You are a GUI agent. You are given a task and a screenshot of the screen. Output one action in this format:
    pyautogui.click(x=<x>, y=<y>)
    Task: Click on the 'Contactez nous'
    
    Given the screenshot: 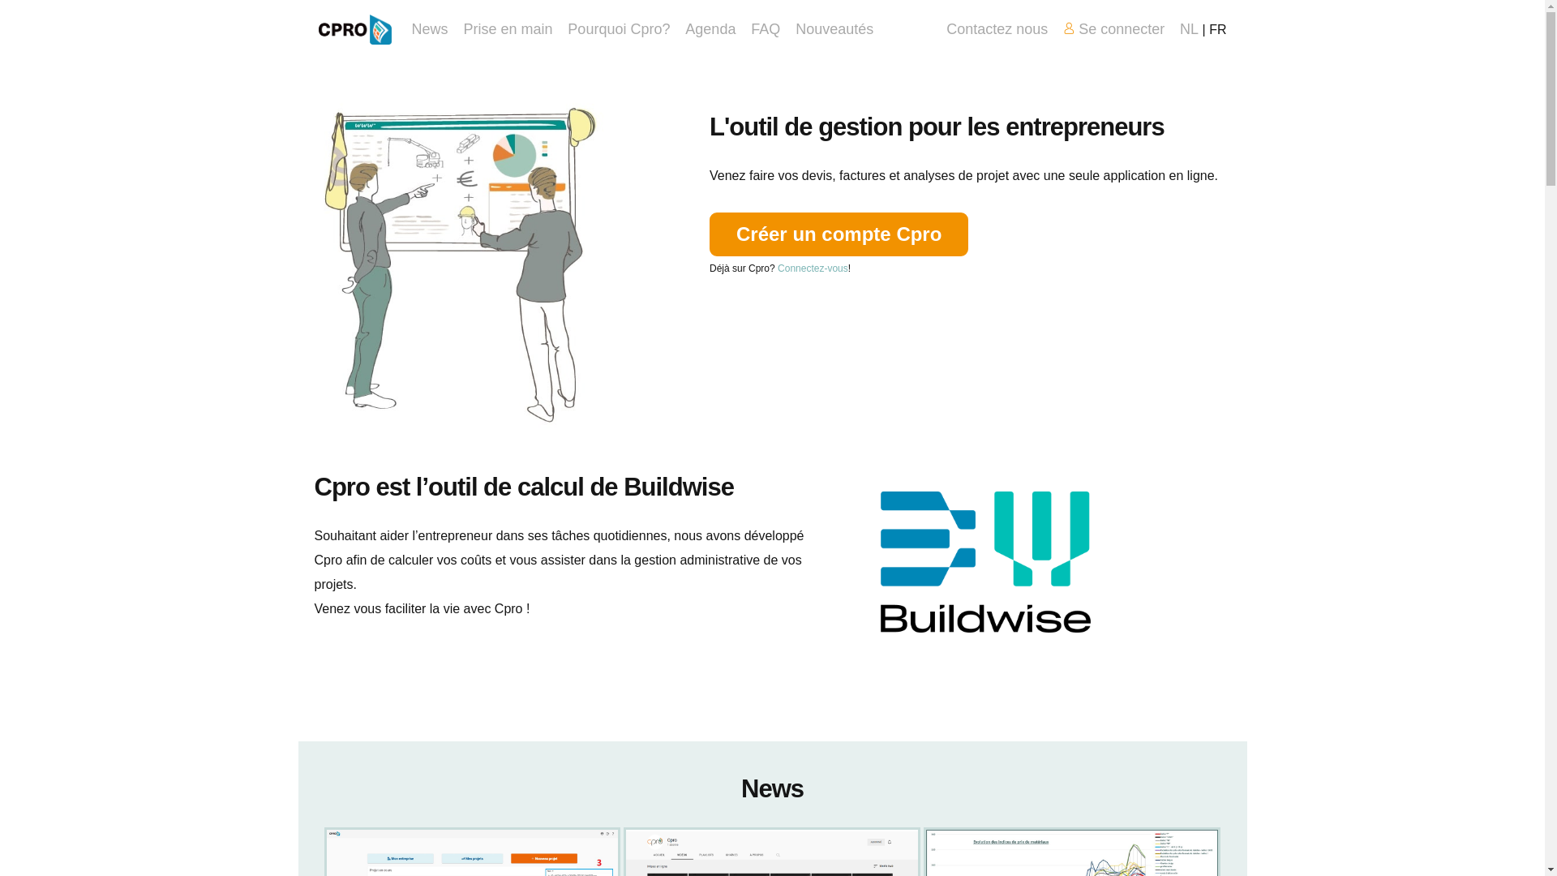 What is the action you would take?
    pyautogui.click(x=996, y=28)
    